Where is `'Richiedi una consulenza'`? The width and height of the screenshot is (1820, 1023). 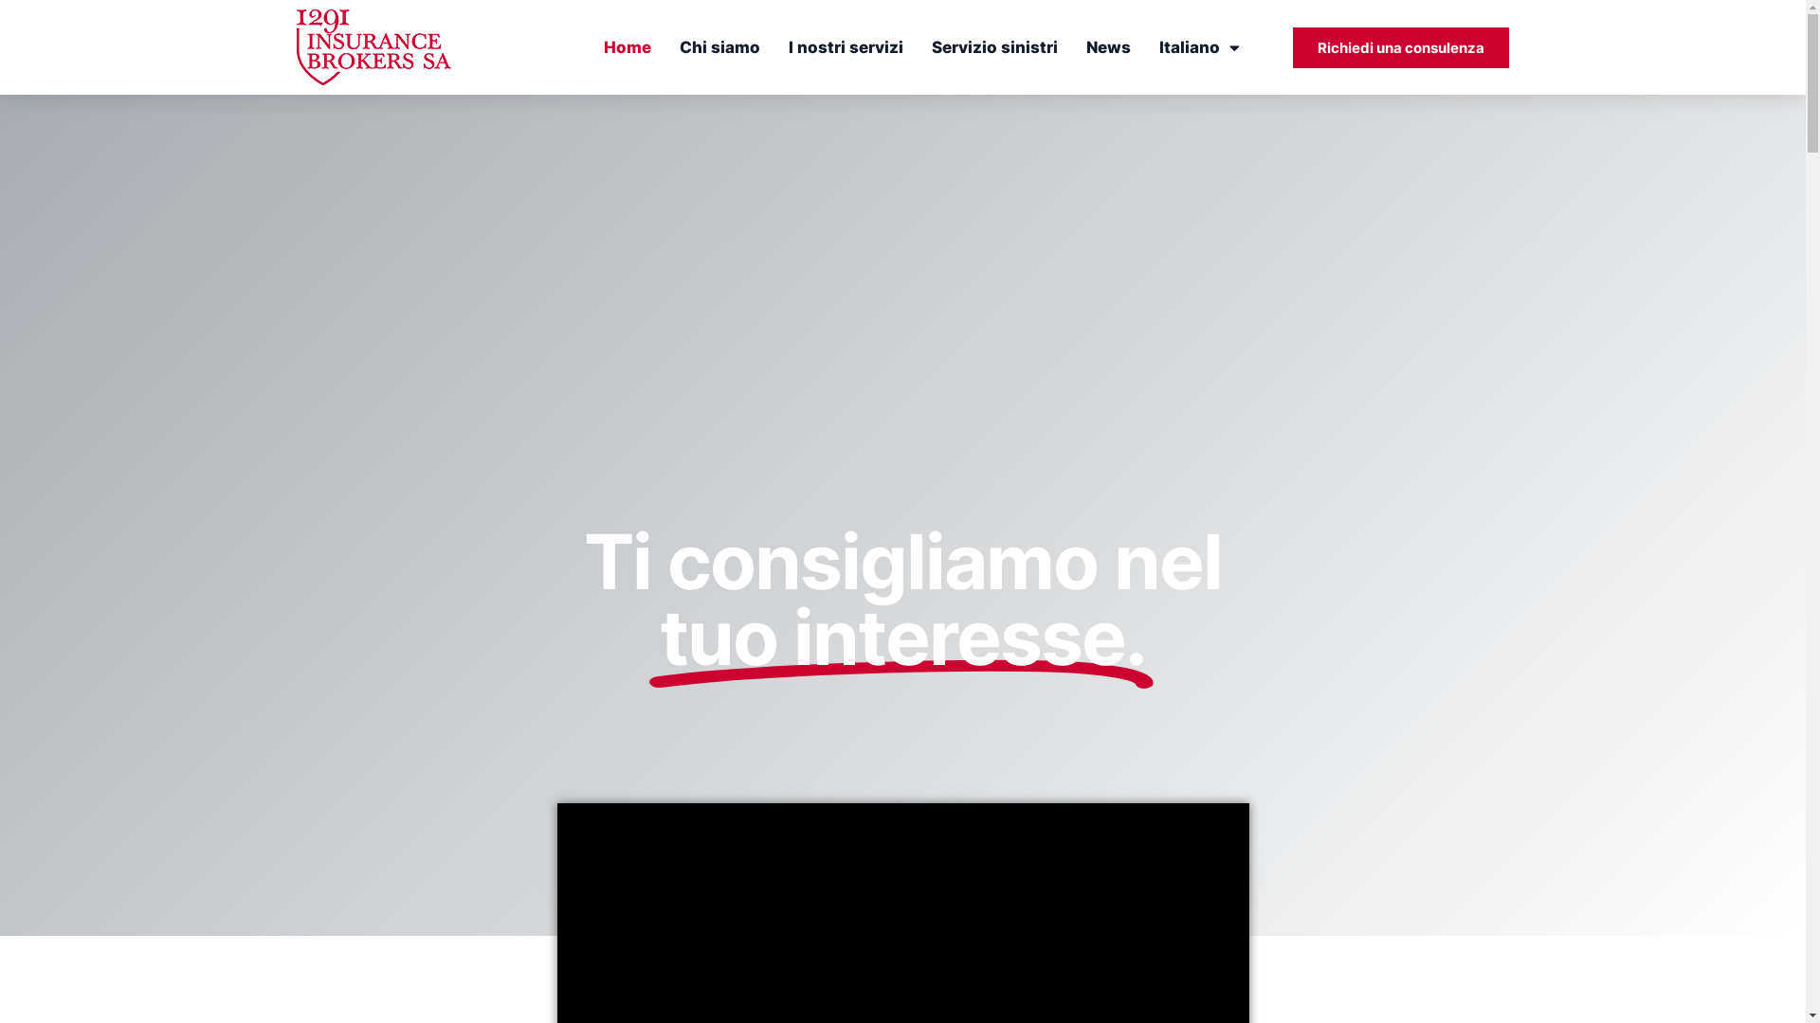 'Richiedi una consulenza' is located at coordinates (1401, 45).